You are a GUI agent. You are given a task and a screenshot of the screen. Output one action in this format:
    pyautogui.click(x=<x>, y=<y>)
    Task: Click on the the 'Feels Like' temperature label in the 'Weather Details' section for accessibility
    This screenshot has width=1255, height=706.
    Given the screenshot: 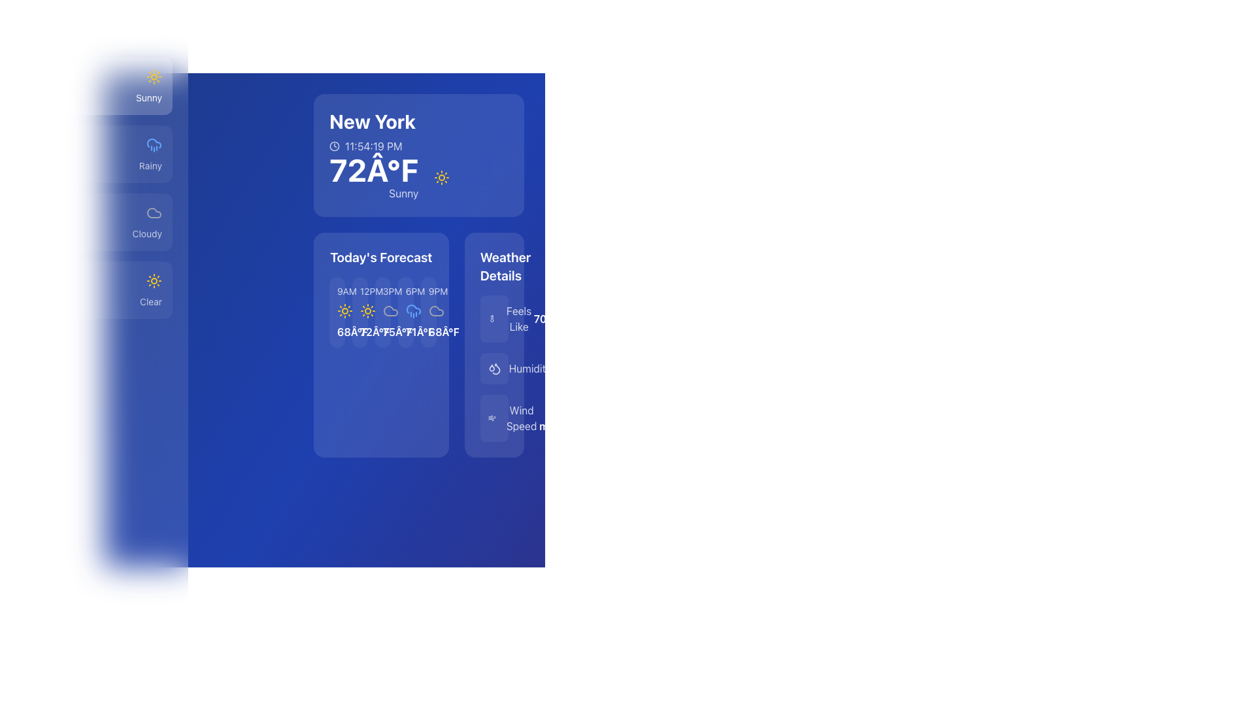 What is the action you would take?
    pyautogui.click(x=518, y=319)
    